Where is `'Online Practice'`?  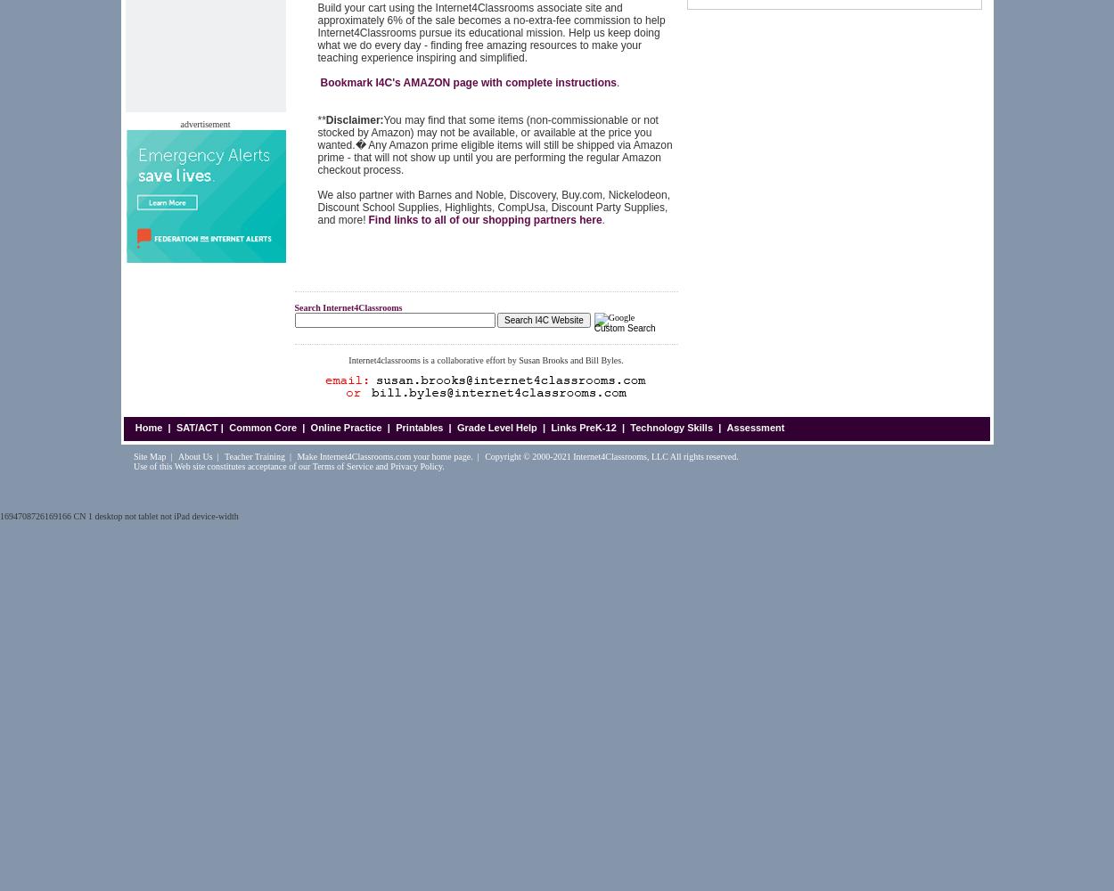 'Online Practice' is located at coordinates (346, 427).